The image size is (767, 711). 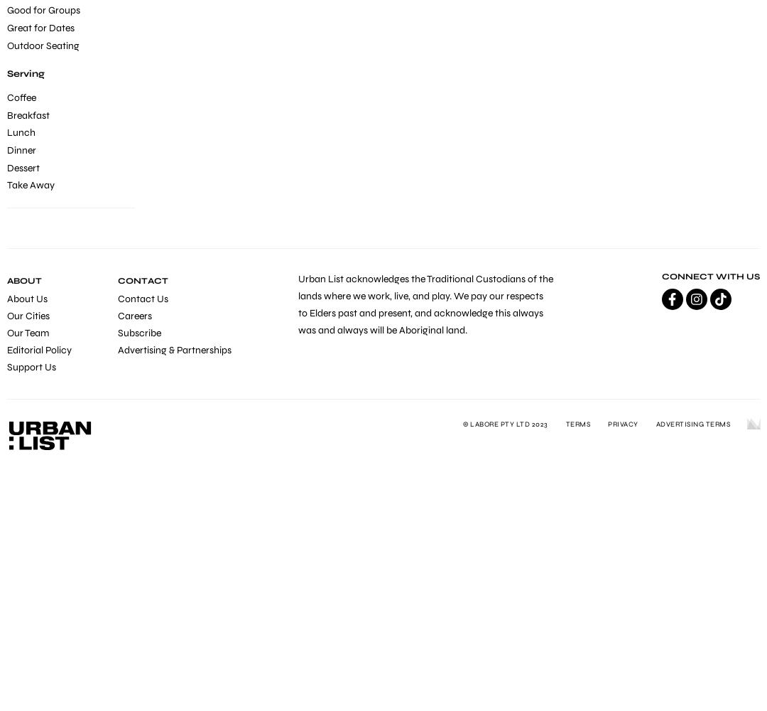 I want to click on 'Careers', so click(x=134, y=315).